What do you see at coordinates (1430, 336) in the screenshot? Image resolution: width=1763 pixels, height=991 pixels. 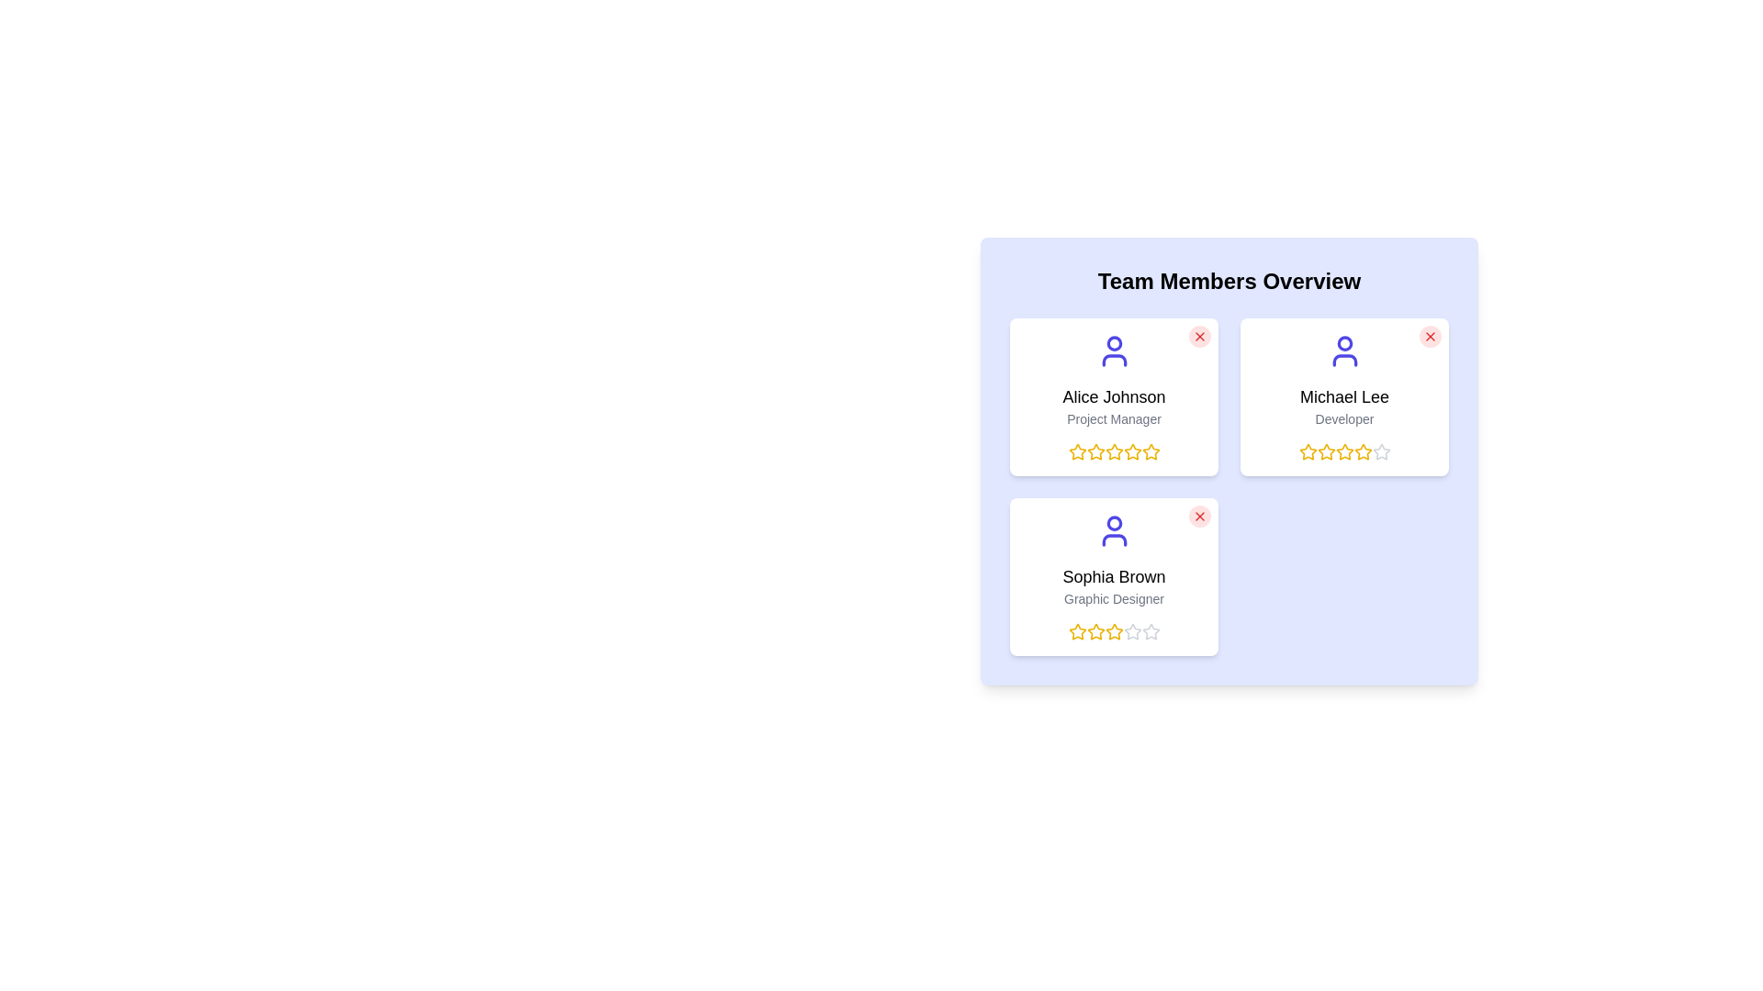 I see `close button of the team member with name Michael Lee` at bounding box center [1430, 336].